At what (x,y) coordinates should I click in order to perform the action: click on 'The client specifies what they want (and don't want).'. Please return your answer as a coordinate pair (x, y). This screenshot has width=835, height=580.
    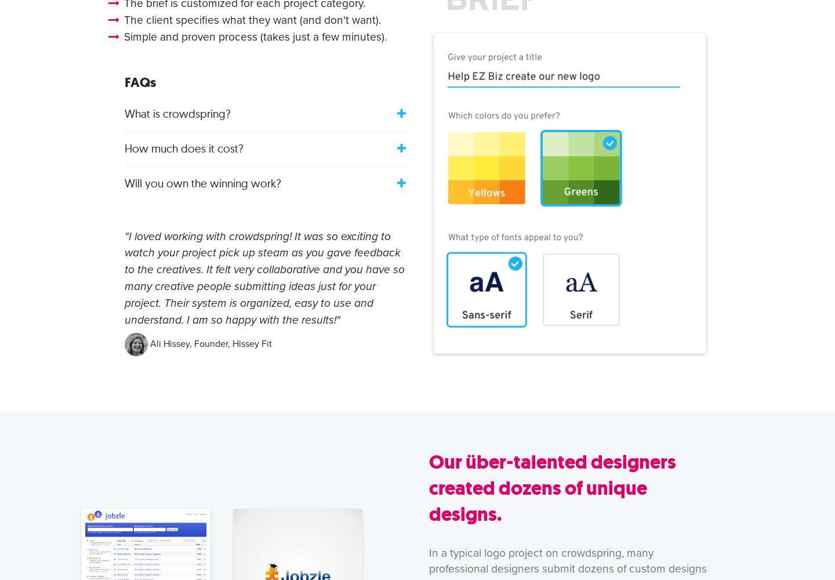
    Looking at the image, I should click on (252, 20).